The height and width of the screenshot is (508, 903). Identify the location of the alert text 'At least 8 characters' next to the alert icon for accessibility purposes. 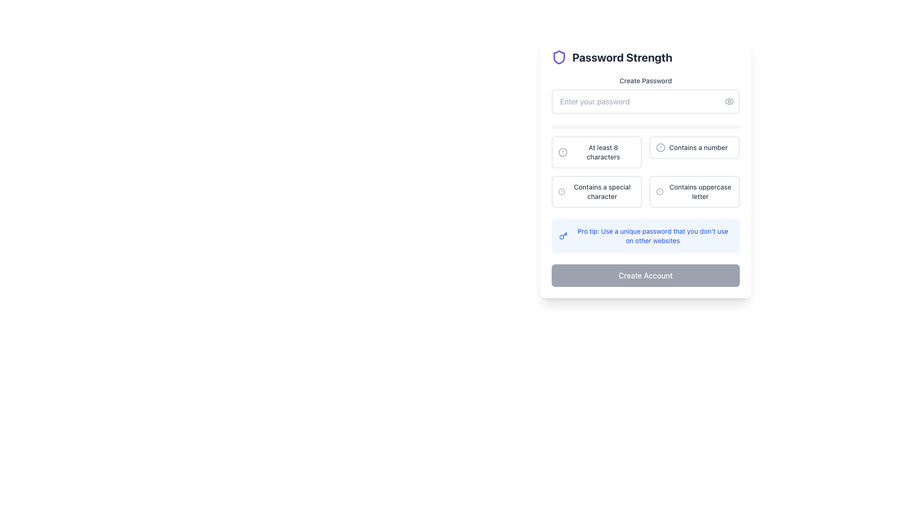
(596, 152).